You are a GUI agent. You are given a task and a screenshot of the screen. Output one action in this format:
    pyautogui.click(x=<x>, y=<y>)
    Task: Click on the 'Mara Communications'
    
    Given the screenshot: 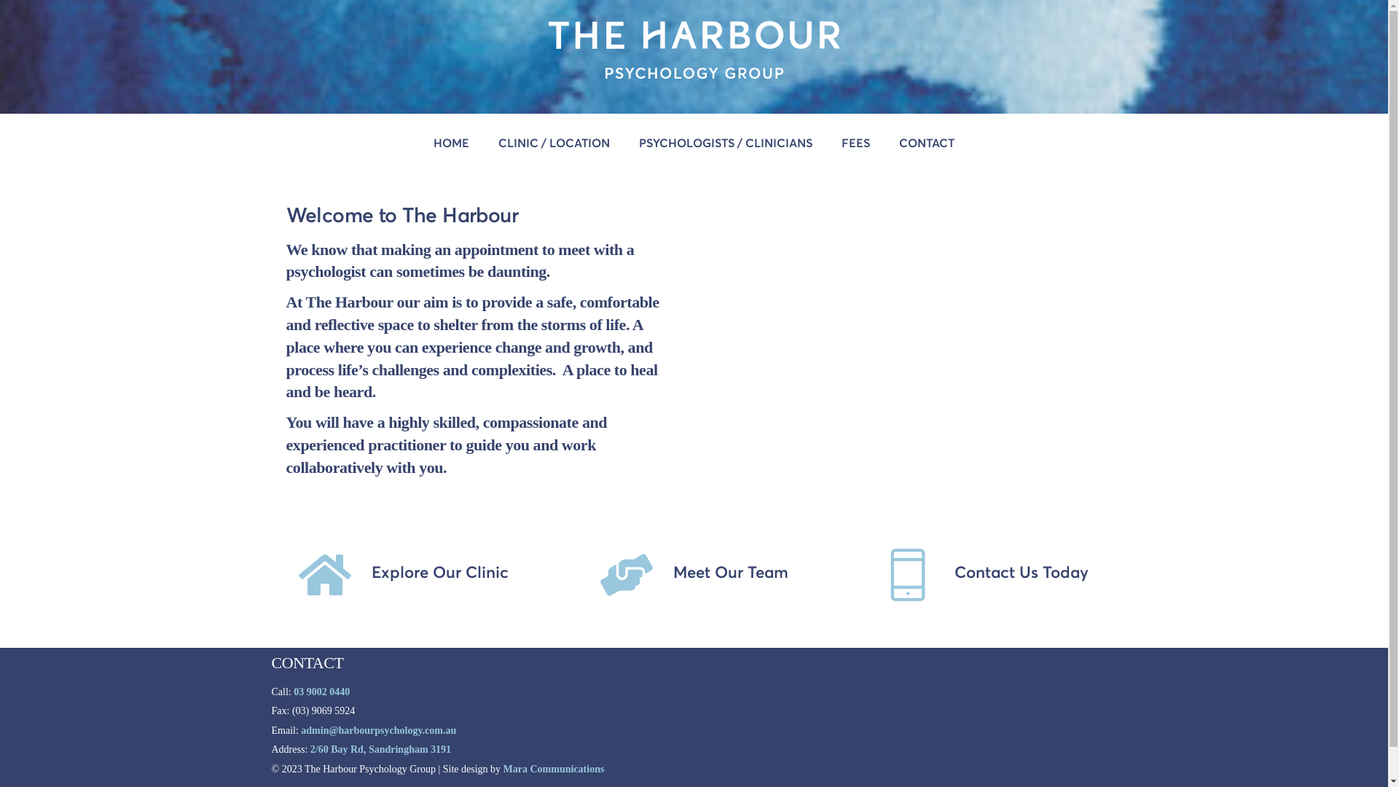 What is the action you would take?
    pyautogui.click(x=503, y=768)
    